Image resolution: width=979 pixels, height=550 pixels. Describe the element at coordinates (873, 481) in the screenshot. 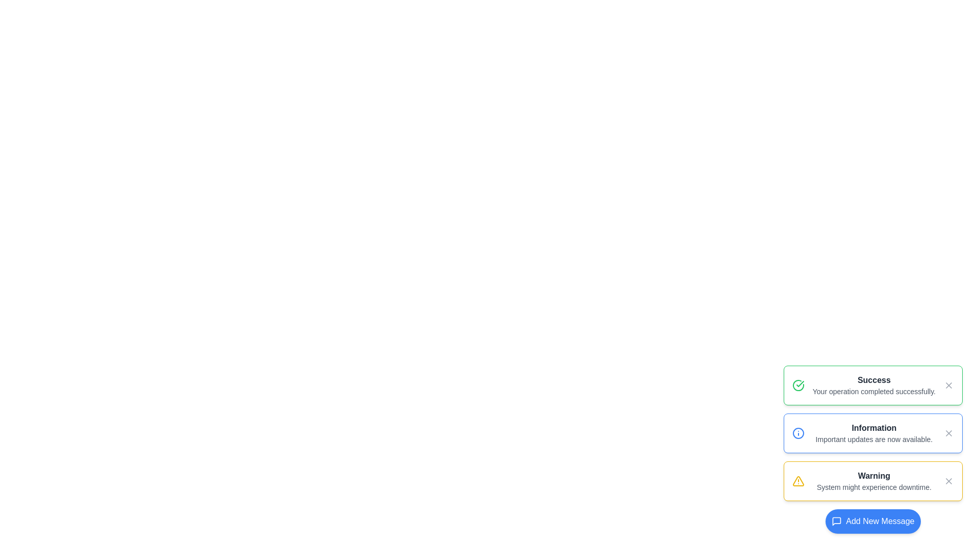

I see `the 'Warning' notification box that displays the text 'Warning' in bold and 'System might experience downtime.' in smaller text, located in the bottom-right corner of the interface` at that location.